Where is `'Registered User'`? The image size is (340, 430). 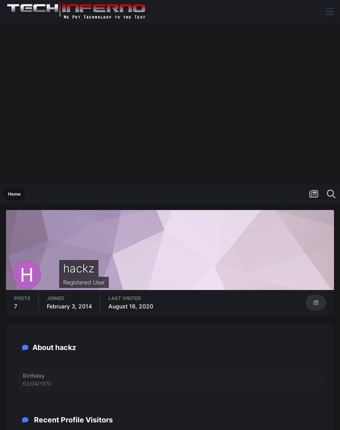 'Registered User' is located at coordinates (84, 282).